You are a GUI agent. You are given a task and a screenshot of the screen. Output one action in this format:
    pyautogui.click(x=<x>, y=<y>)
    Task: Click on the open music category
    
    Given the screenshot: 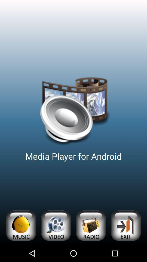 What is the action you would take?
    pyautogui.click(x=21, y=226)
    